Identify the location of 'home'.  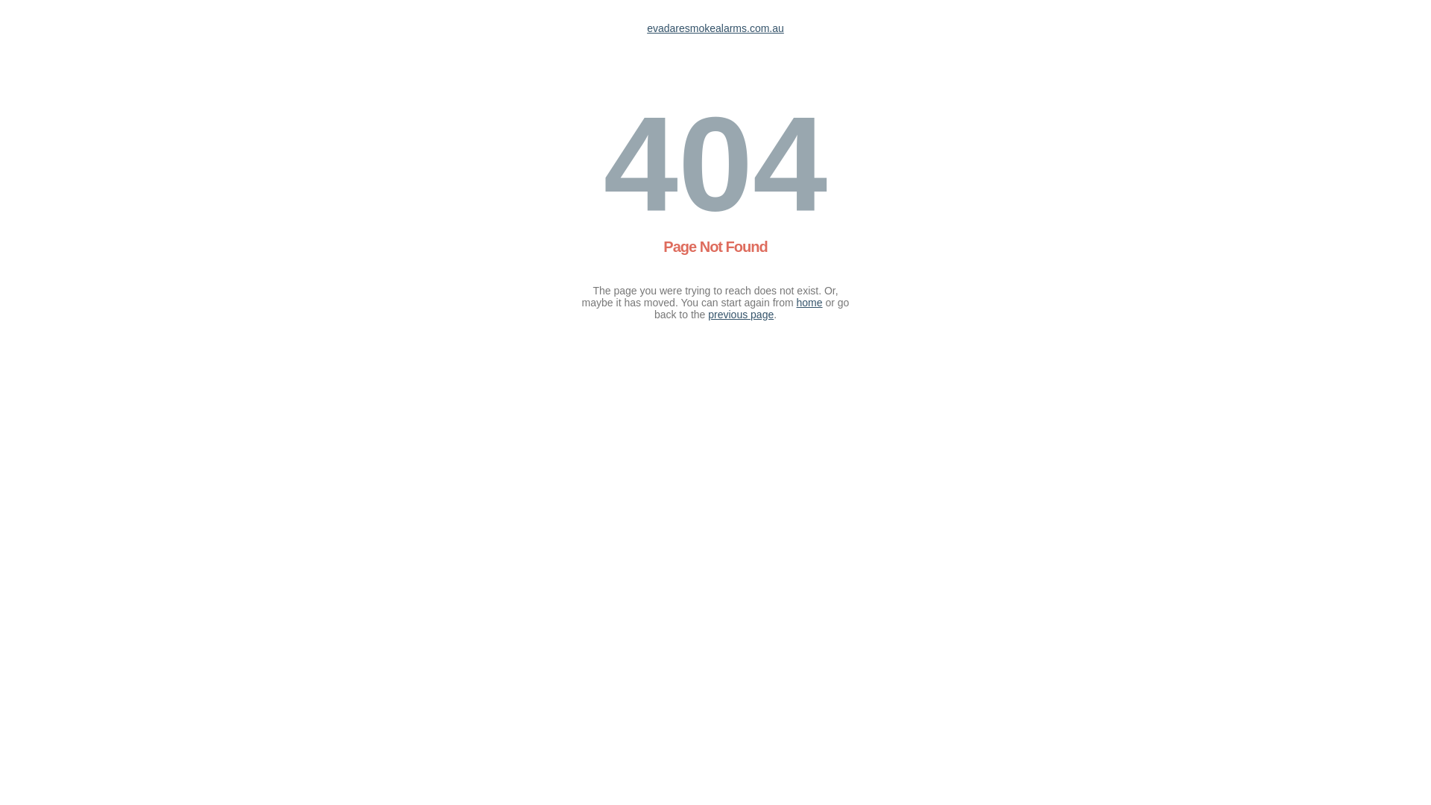
(809, 302).